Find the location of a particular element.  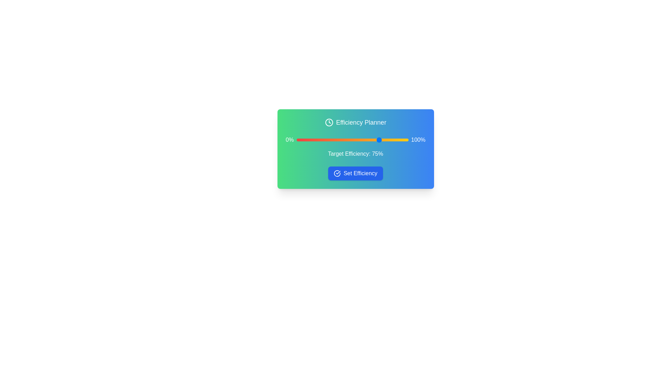

the efficiency slider to set the efficiency to 75% is located at coordinates (380, 140).